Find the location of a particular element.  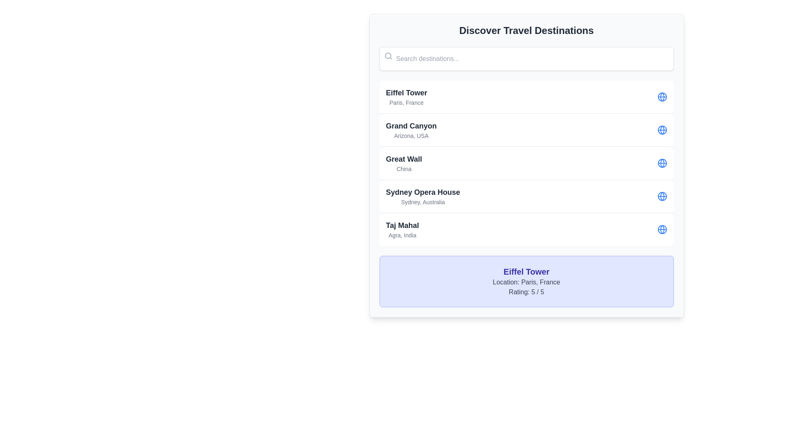

the text label 'Eiffel Tower', which is styled with a large, bold font in dark gray, located at the upper-left corner of the travel destinations list is located at coordinates (406, 92).